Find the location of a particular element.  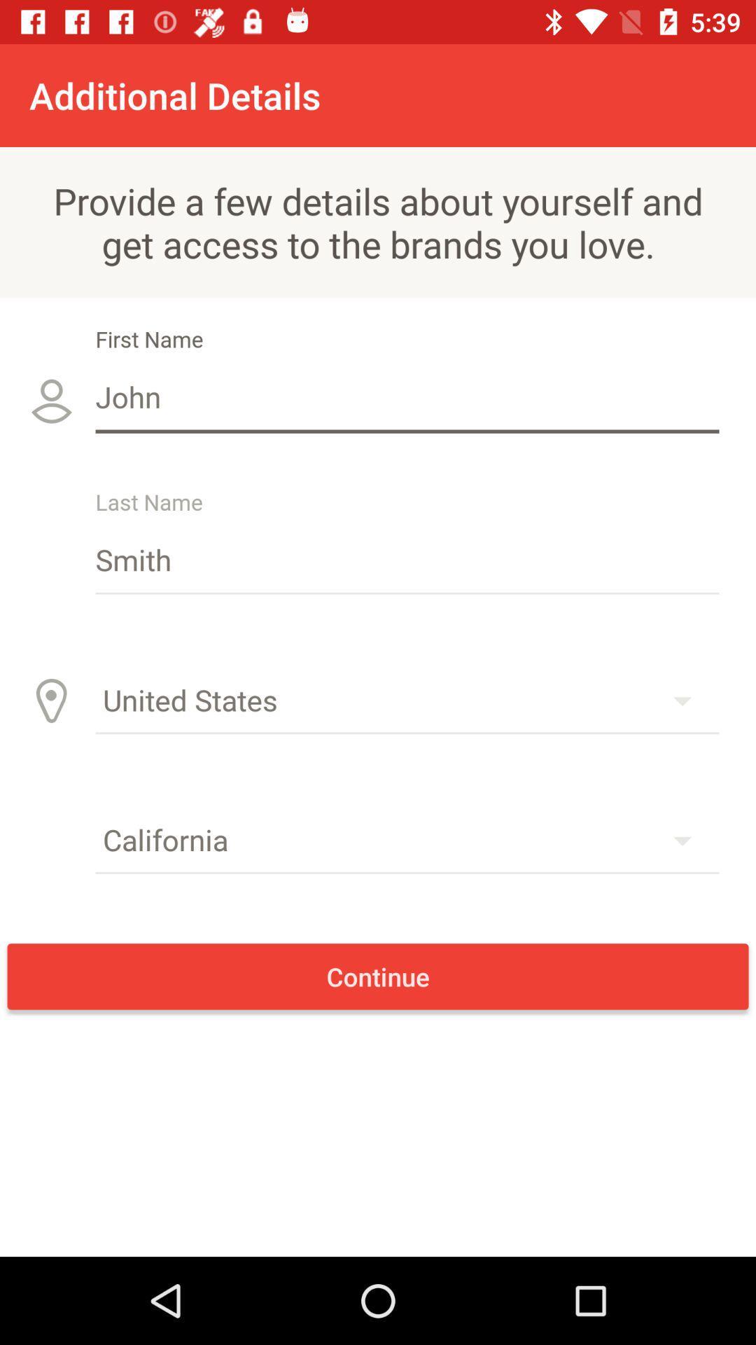

the item above the smith icon is located at coordinates (407, 396).